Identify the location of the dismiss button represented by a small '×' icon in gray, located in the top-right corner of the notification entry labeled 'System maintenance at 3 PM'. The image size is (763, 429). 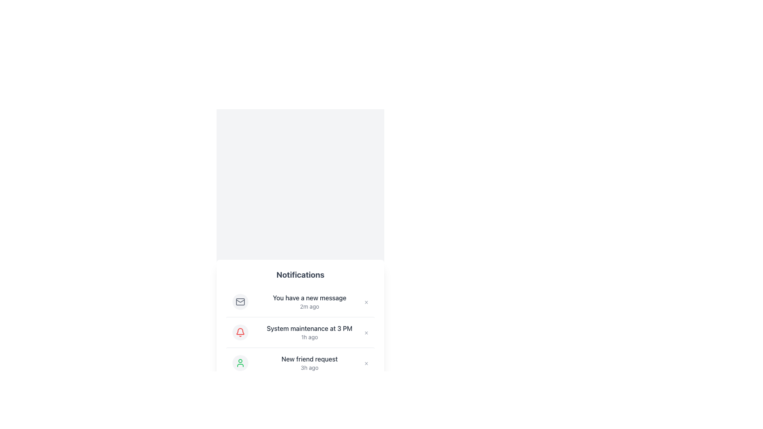
(366, 332).